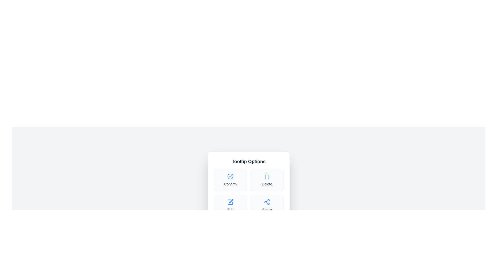  Describe the element at coordinates (230, 205) in the screenshot. I see `the edit button, which is the third card in a grid layout of four options, located at the bottom left, to initiate the edit action` at that location.